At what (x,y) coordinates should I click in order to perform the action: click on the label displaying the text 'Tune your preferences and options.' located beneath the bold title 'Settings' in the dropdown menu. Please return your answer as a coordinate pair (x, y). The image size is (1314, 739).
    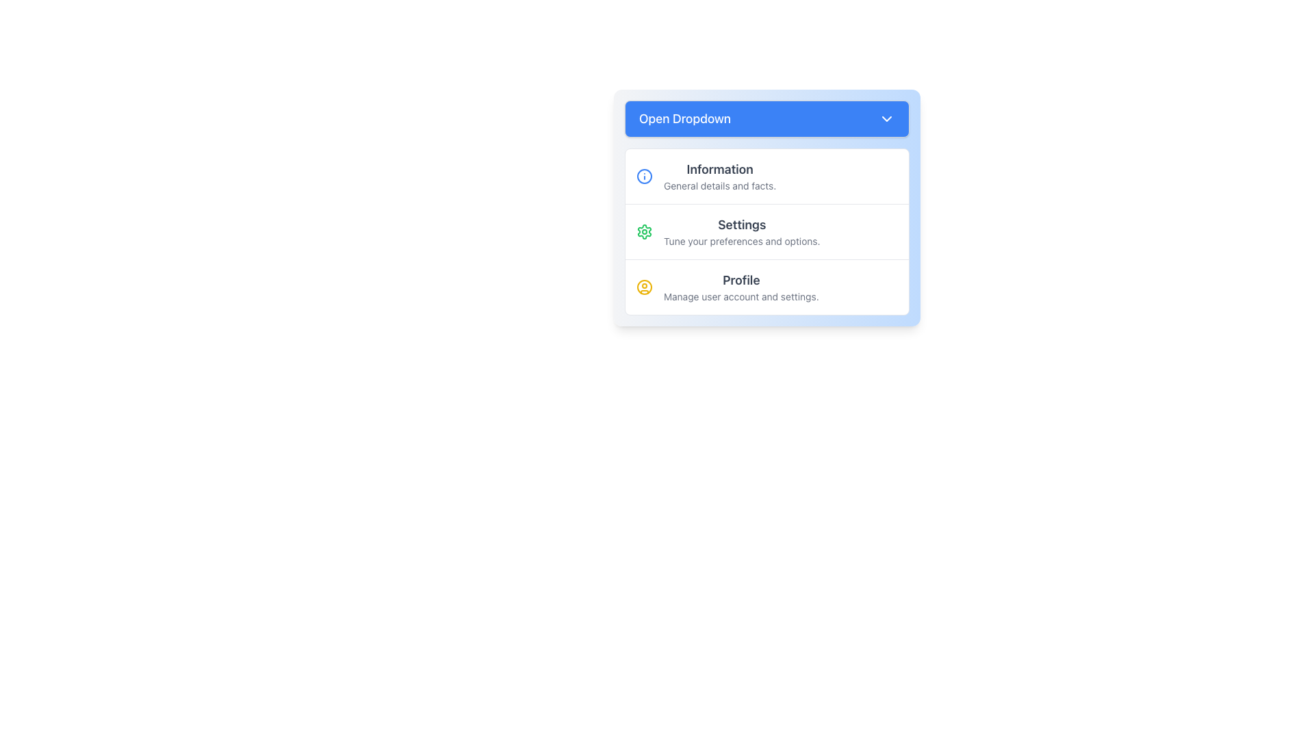
    Looking at the image, I should click on (741, 241).